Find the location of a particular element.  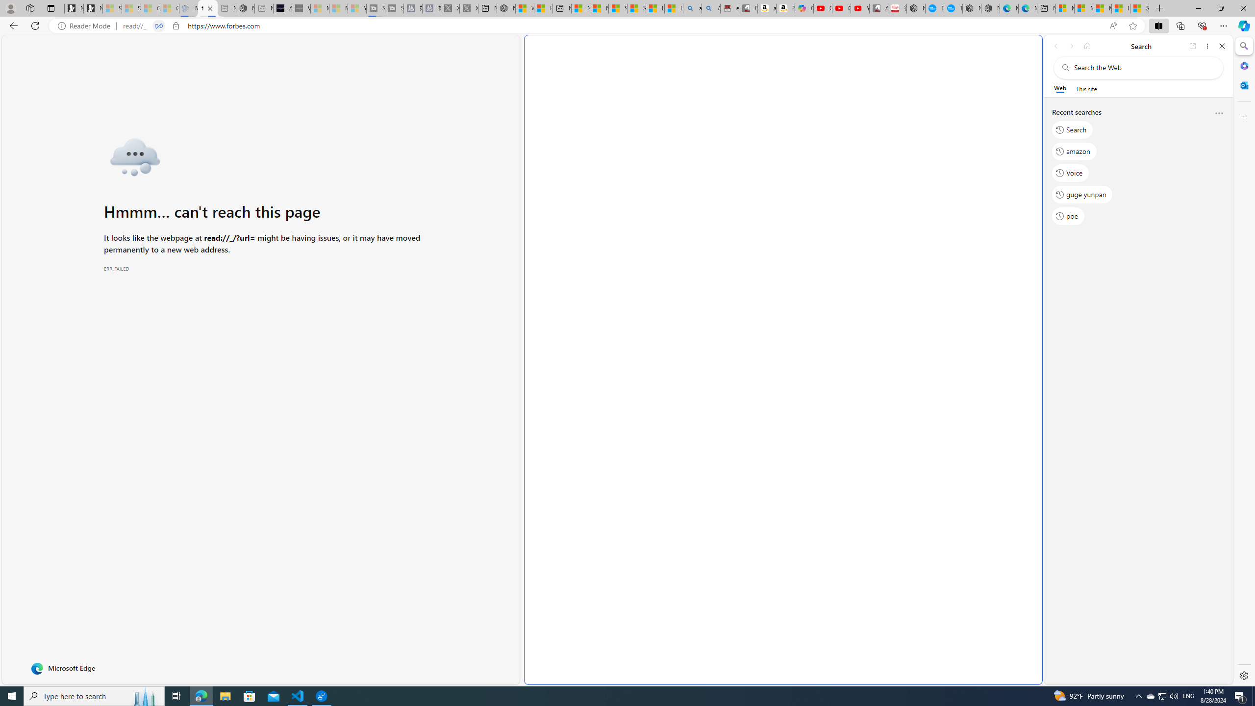

'Gloom - YouTube' is located at coordinates (841, 8).